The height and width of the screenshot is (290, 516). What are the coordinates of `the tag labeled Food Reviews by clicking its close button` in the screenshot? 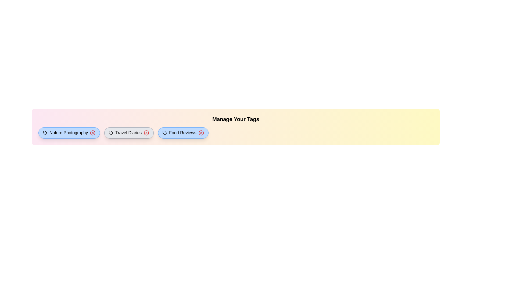 It's located at (201, 133).